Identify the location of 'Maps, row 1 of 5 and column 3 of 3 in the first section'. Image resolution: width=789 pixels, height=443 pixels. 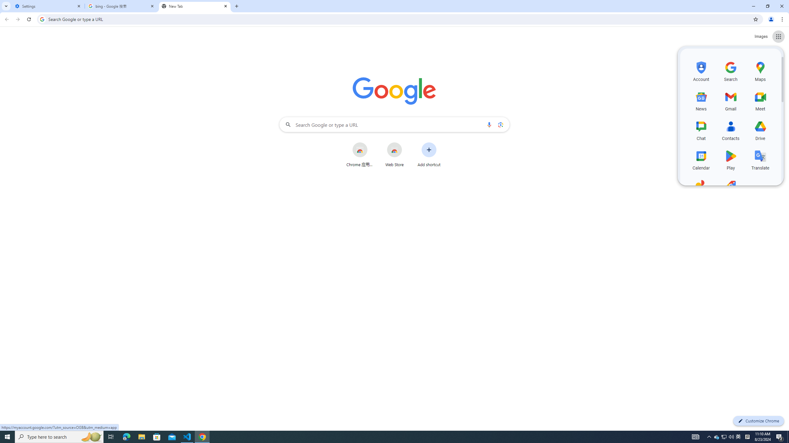
(760, 70).